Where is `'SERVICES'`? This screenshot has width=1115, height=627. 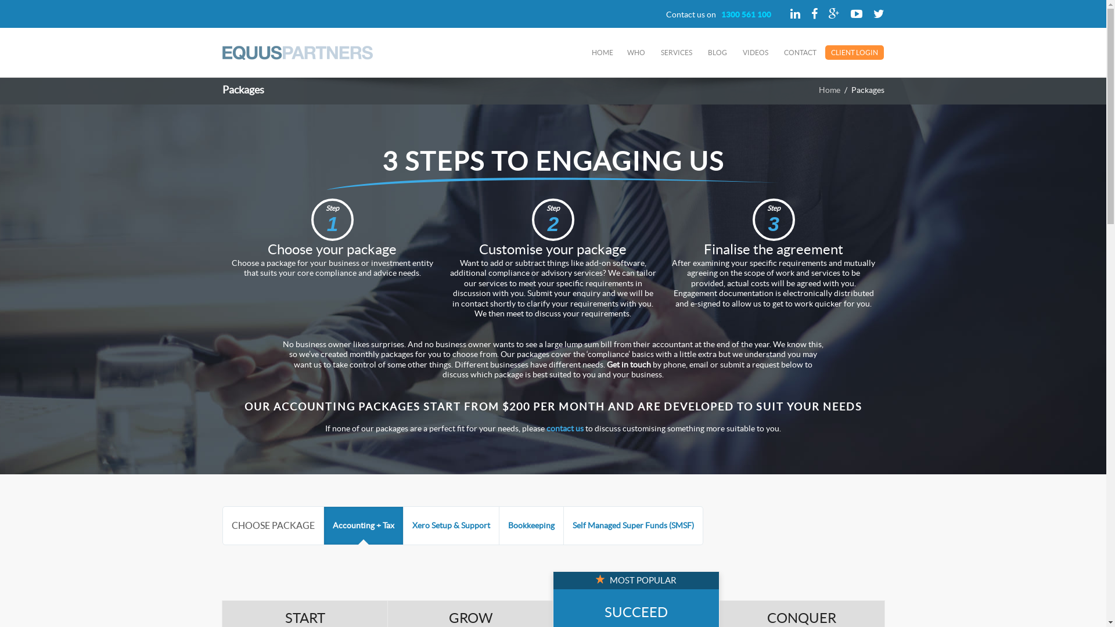 'SERVICES' is located at coordinates (677, 52).